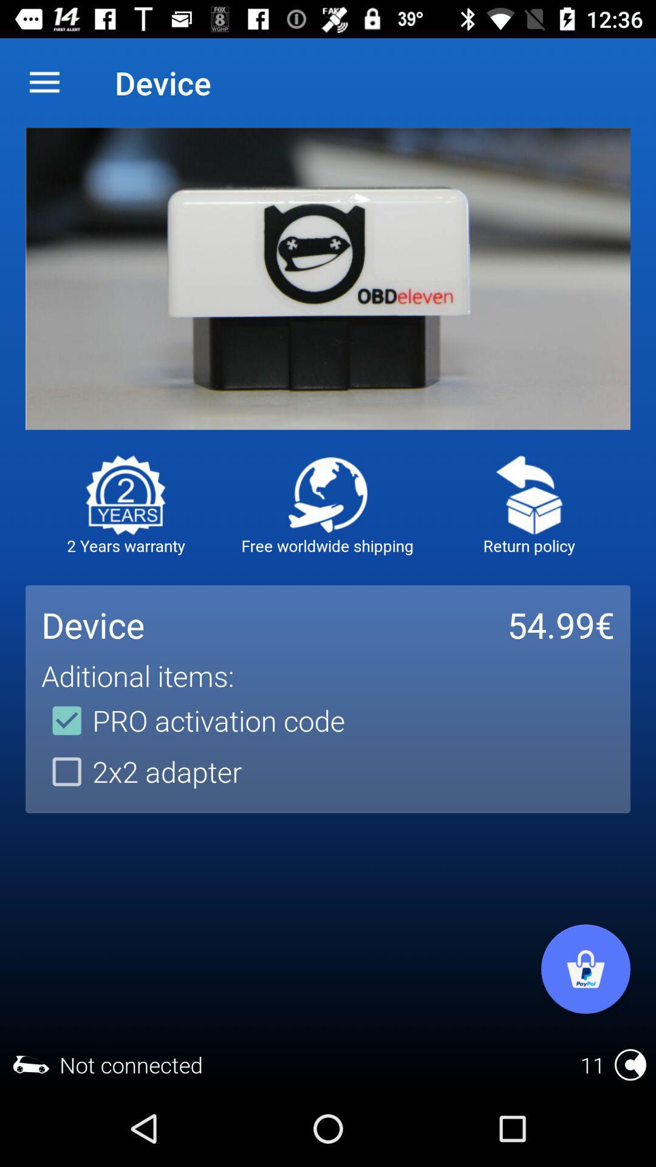 Image resolution: width=656 pixels, height=1167 pixels. Describe the element at coordinates (528, 495) in the screenshot. I see `refund` at that location.